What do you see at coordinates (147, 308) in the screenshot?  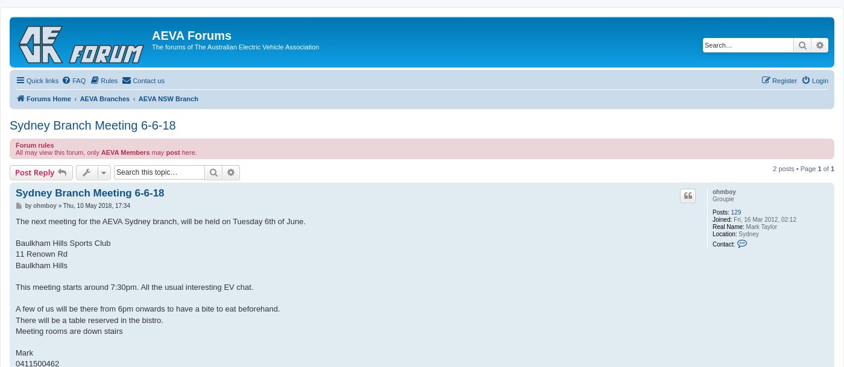 I see `'A few of us will be there from 6pm onwards to have a bite to eat beforehand.'` at bounding box center [147, 308].